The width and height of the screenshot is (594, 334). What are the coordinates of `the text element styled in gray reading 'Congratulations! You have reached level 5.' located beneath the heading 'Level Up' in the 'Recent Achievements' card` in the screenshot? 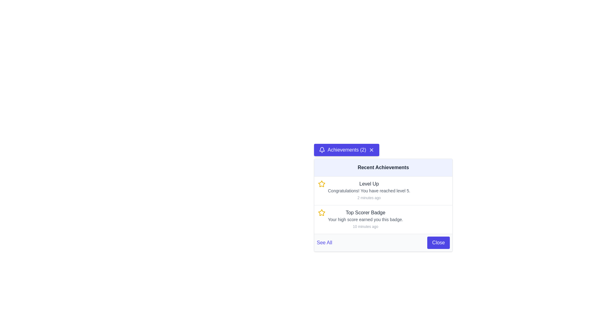 It's located at (369, 191).